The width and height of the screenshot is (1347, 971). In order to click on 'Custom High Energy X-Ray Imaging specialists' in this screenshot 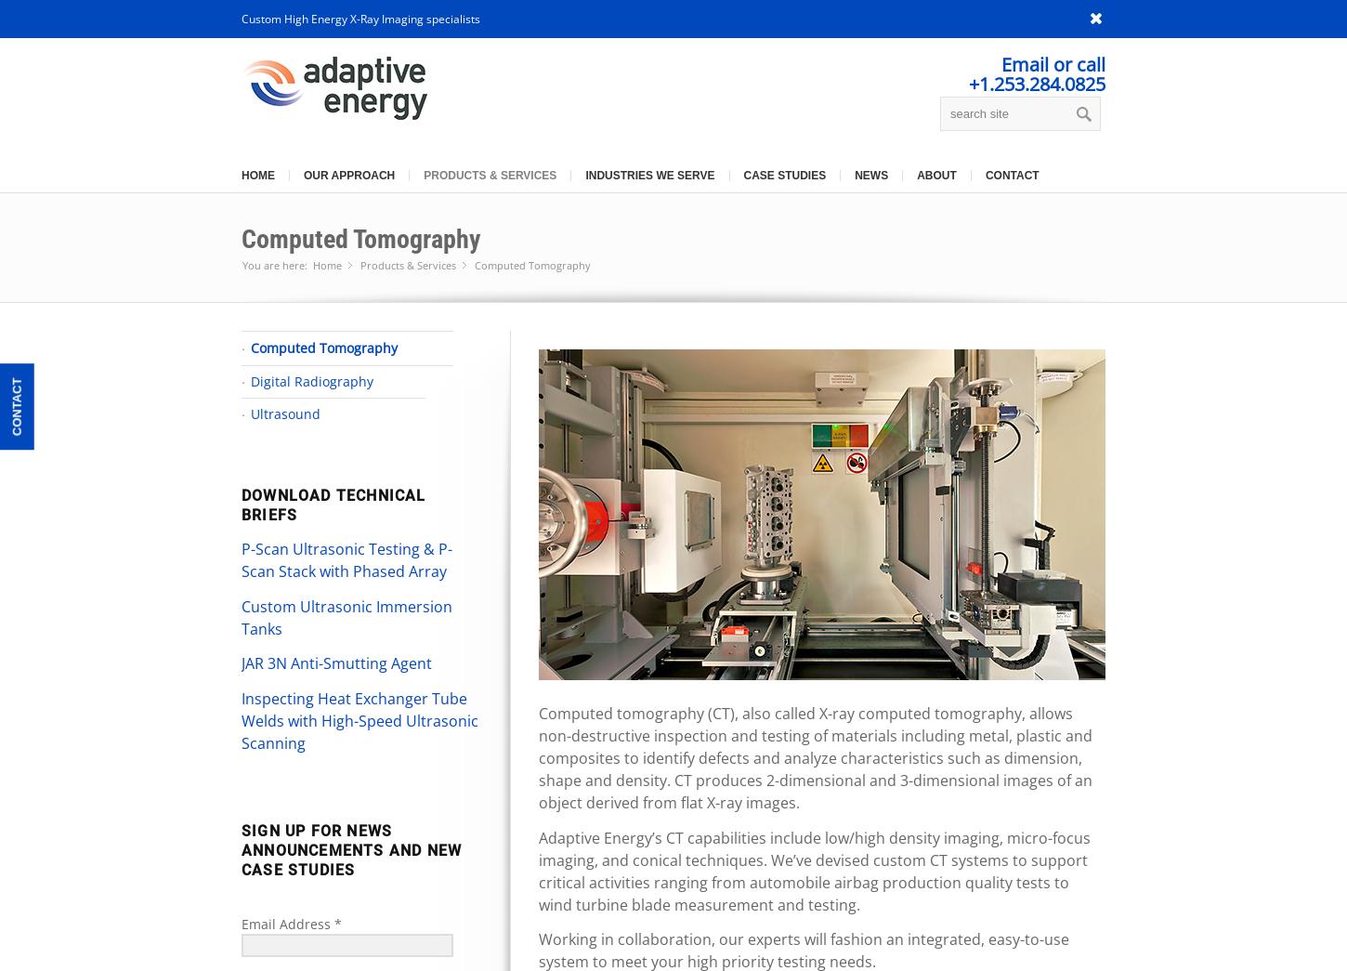, I will do `click(241, 18)`.